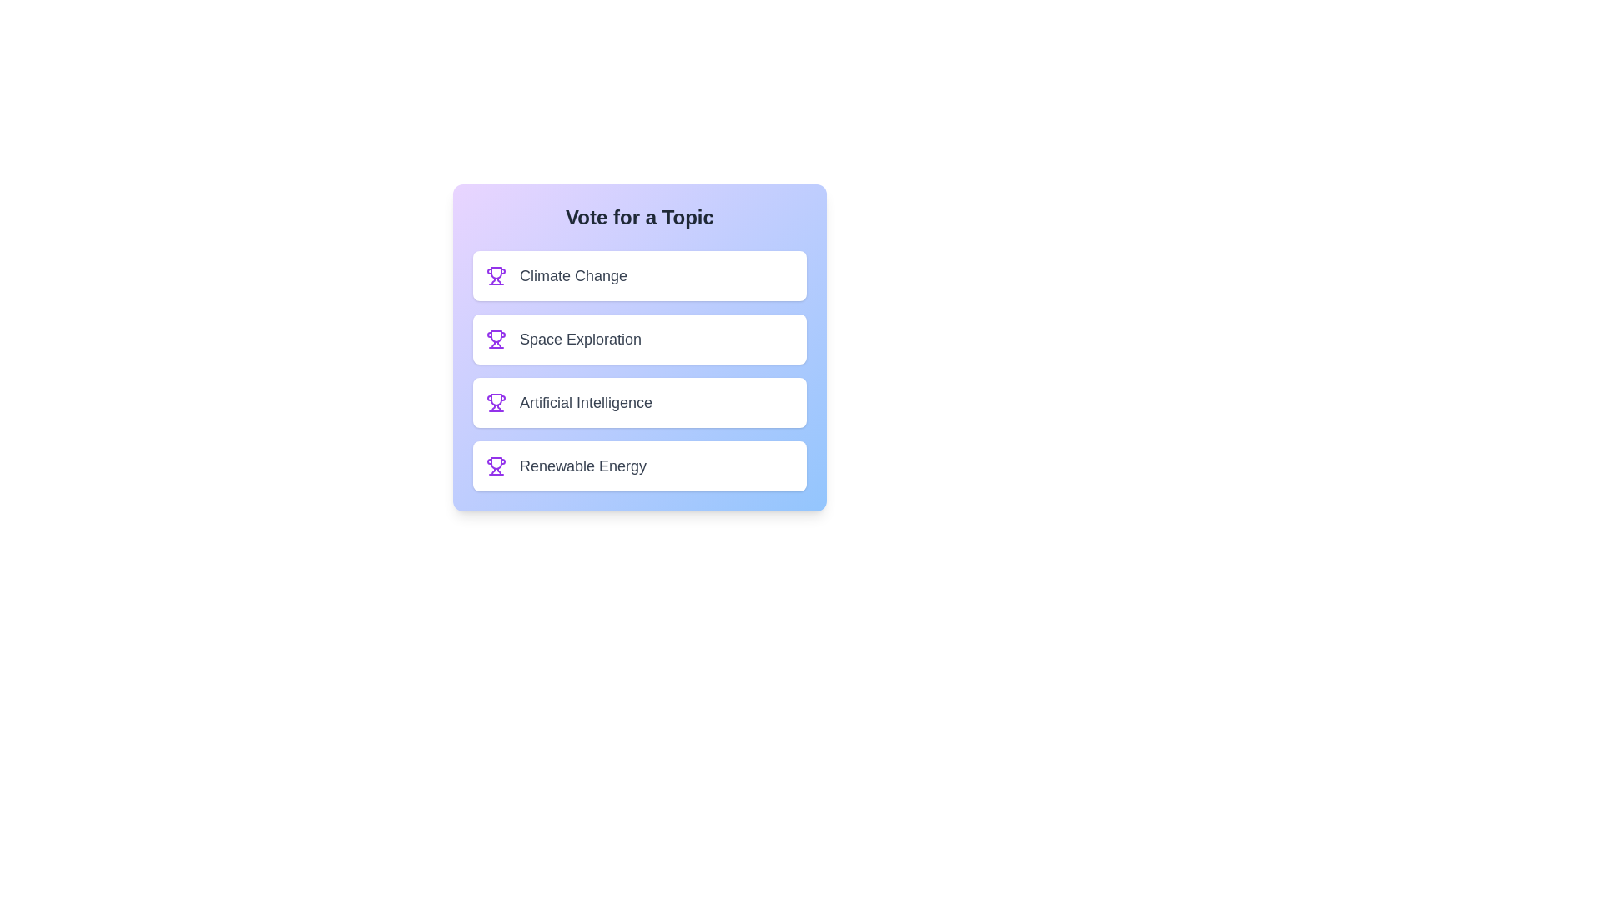 The width and height of the screenshot is (1602, 901). I want to click on an option from the centrally positioned list of topics for voting, which includes options like 'Climate Change', 'Space Exploration', 'Artificial Intelligence', and 'Renewable Energy', so click(639, 370).